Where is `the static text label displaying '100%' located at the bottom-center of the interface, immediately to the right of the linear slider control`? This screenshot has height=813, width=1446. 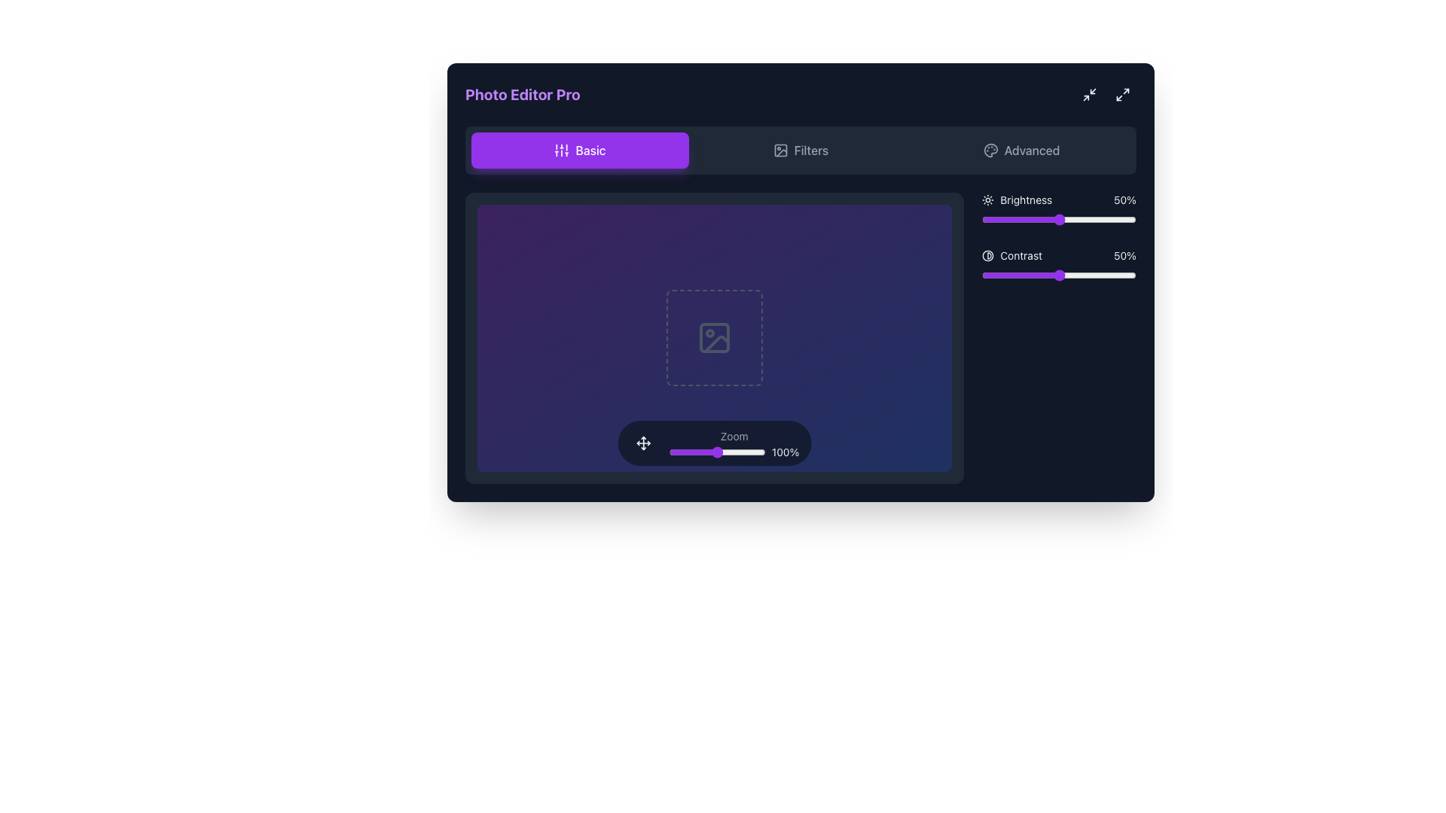
the static text label displaying '100%' located at the bottom-center of the interface, immediately to the right of the linear slider control is located at coordinates (785, 451).